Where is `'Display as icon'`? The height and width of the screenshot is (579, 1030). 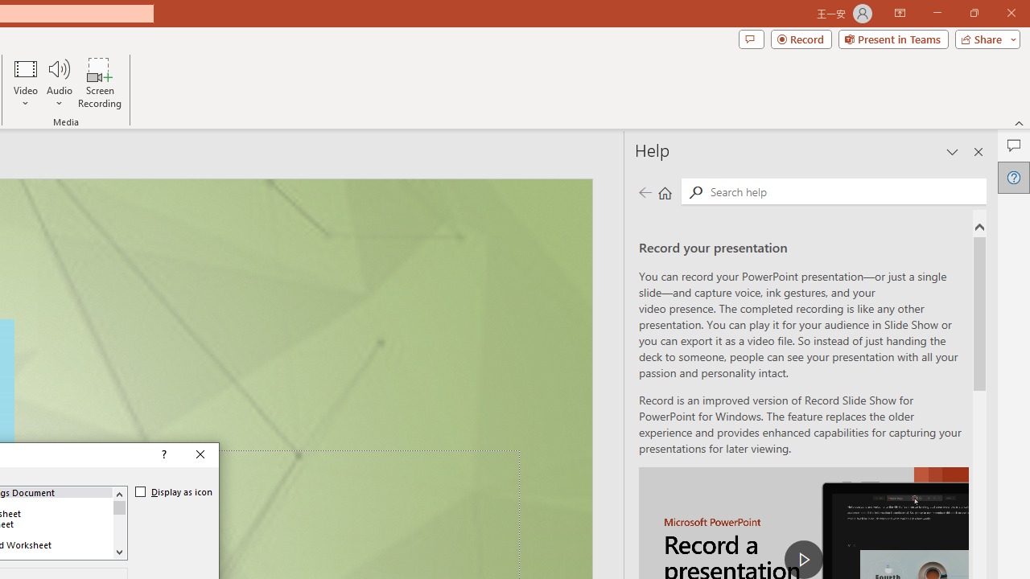
'Display as icon' is located at coordinates (174, 491).